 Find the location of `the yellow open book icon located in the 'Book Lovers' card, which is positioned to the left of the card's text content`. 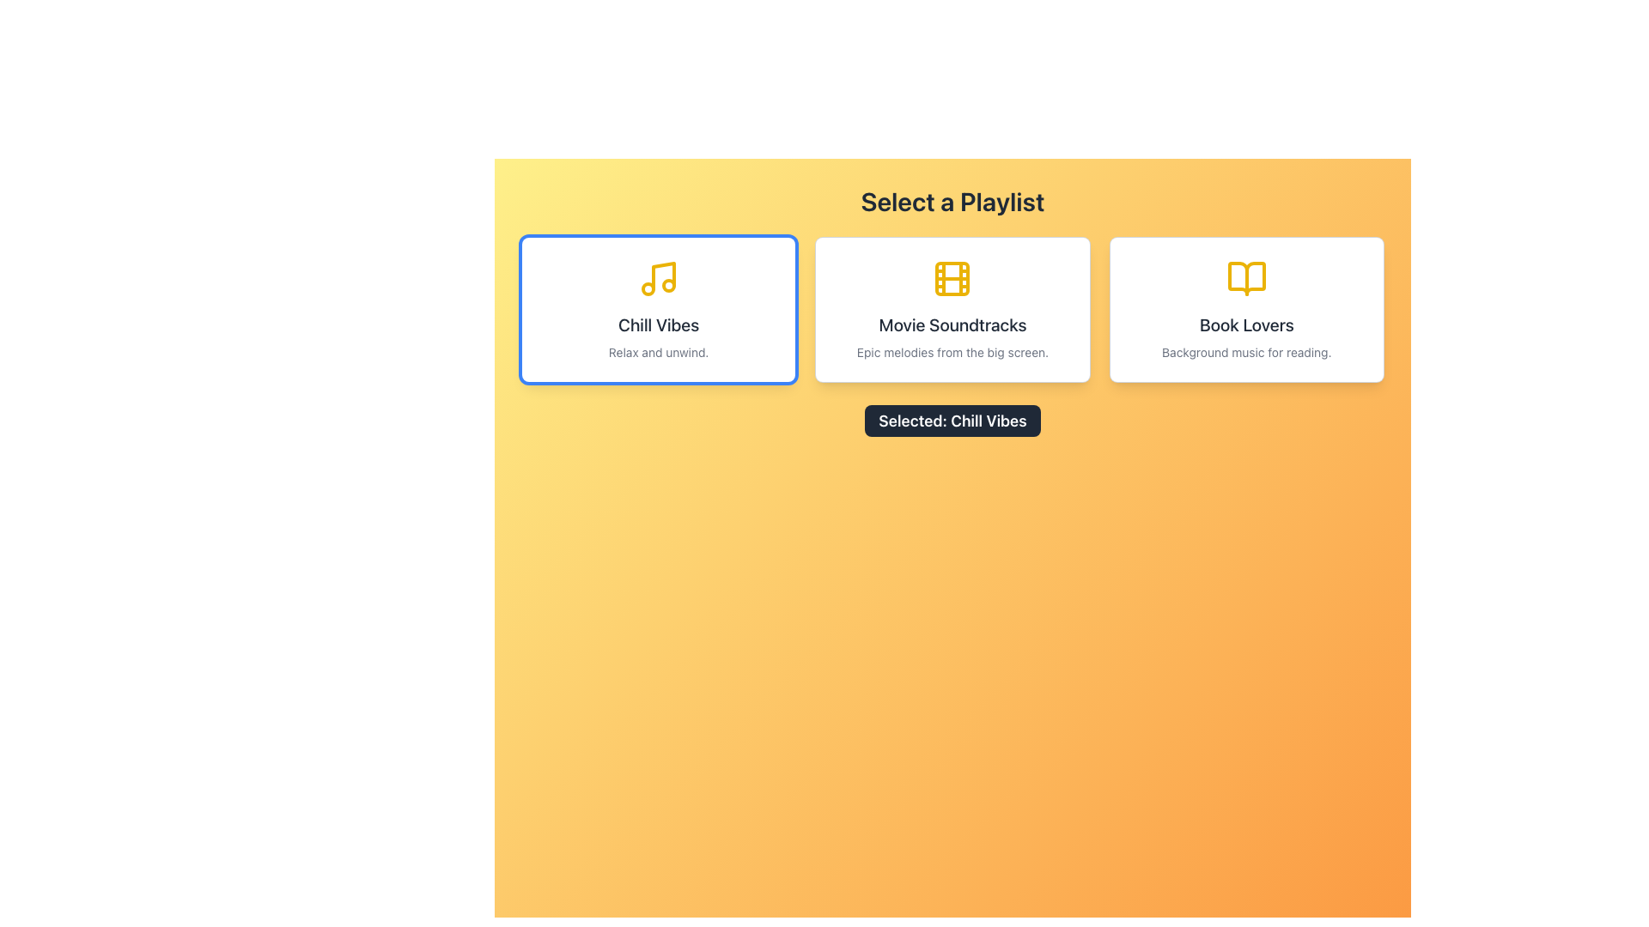

the yellow open book icon located in the 'Book Lovers' card, which is positioned to the left of the card's text content is located at coordinates (1246, 277).